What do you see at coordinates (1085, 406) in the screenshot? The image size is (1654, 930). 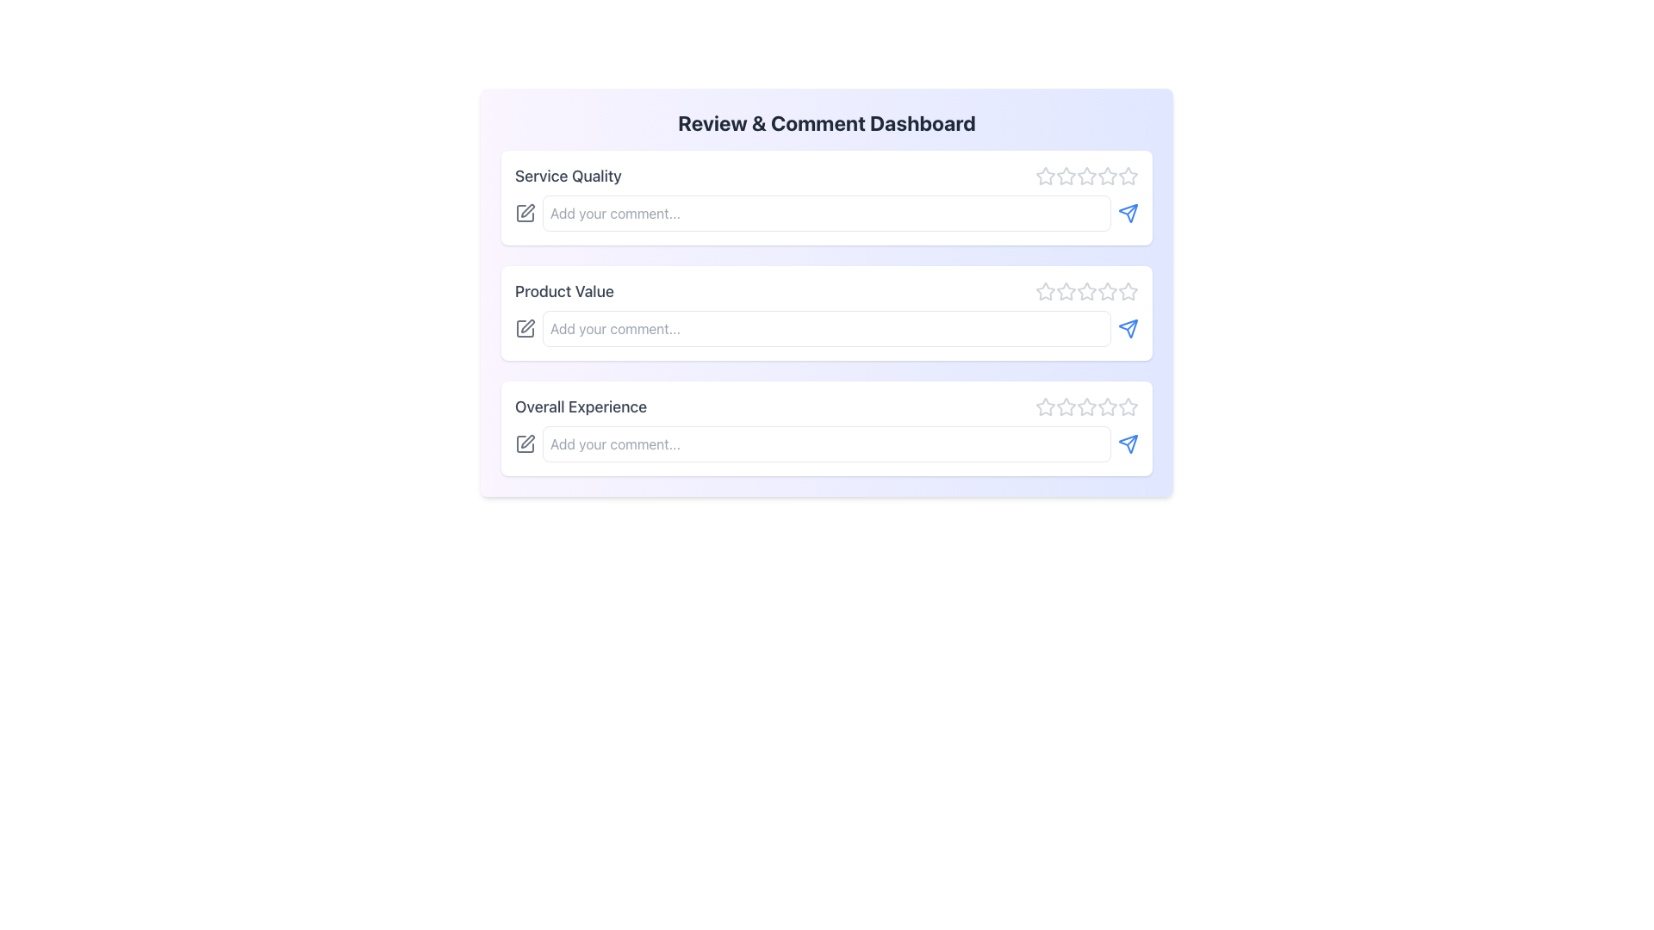 I see `the fourth star icon in the 'Overall Experience' section` at bounding box center [1085, 406].